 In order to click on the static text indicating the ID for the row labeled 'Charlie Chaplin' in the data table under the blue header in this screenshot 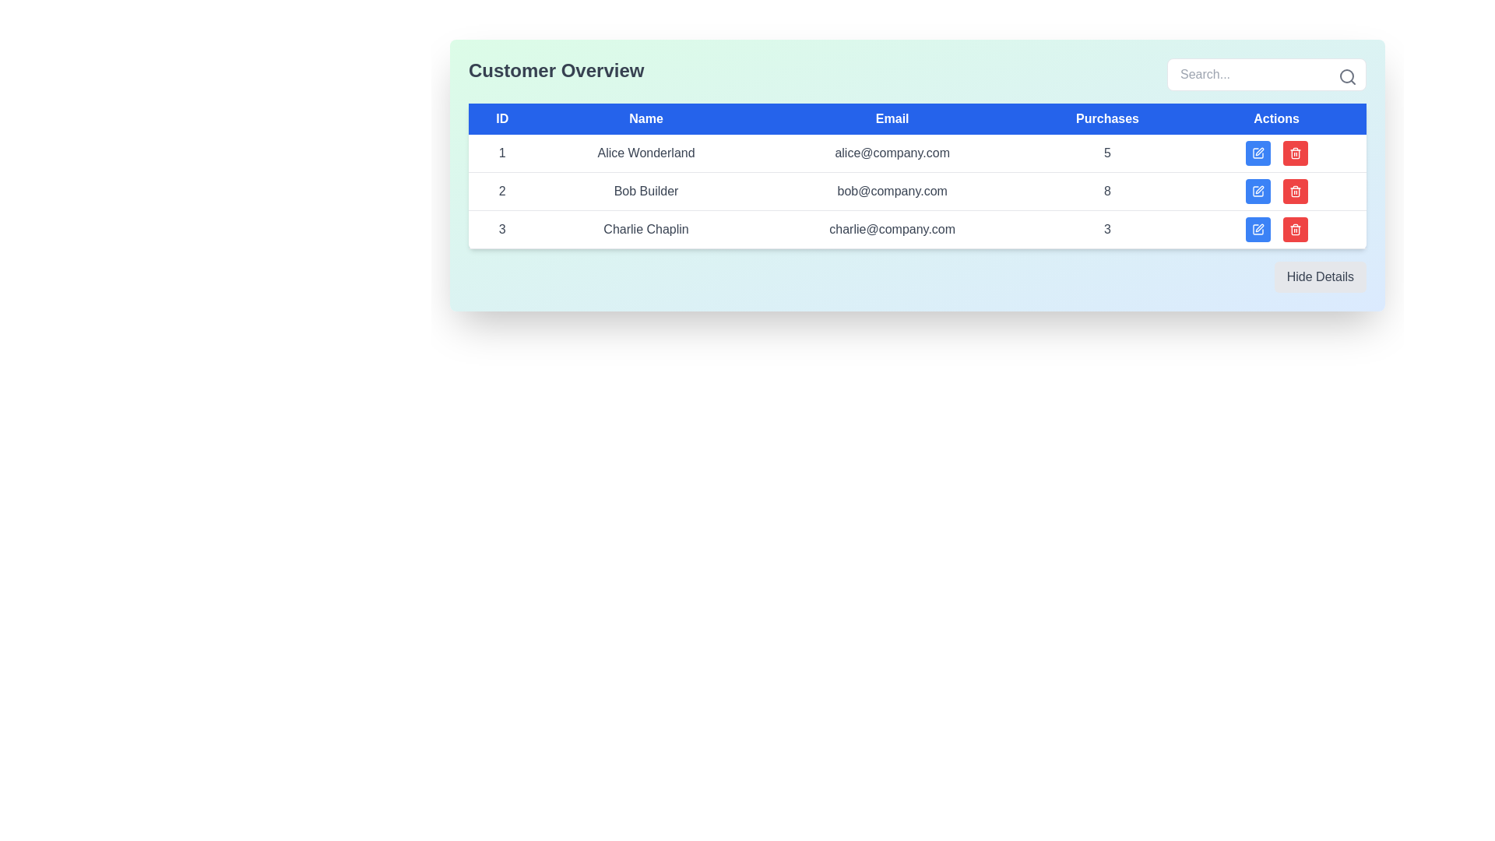, I will do `click(502, 229)`.